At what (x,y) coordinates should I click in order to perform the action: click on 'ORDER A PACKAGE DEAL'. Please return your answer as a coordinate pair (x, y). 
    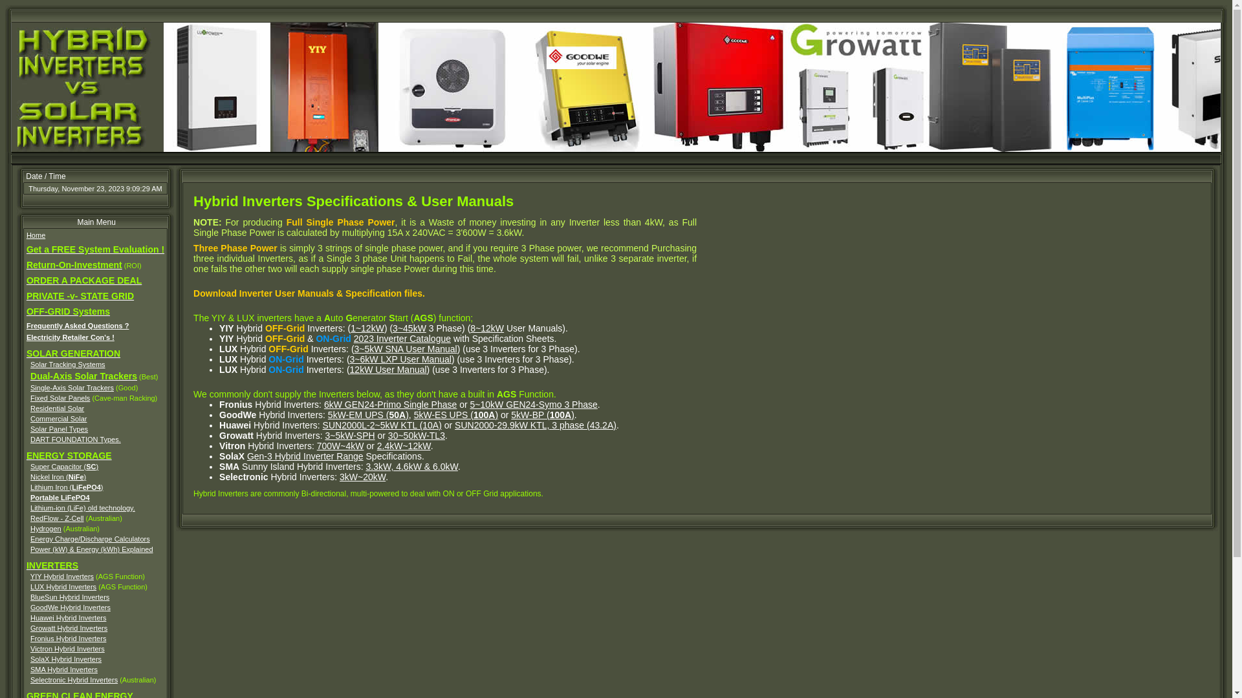
    Looking at the image, I should click on (27, 280).